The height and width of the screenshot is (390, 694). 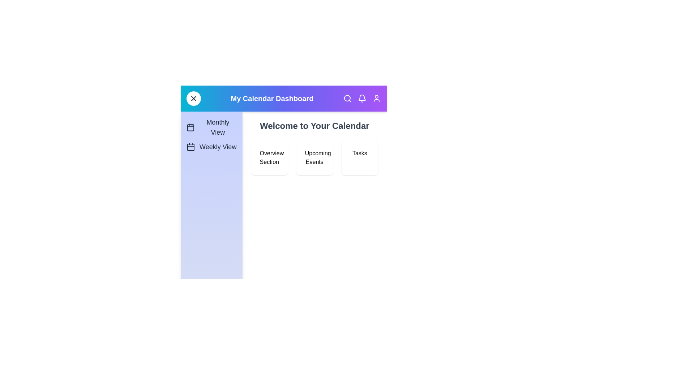 What do you see at coordinates (211, 135) in the screenshot?
I see `the 'Monthly View' option in the segmented control located in the left sidebar of the interface` at bounding box center [211, 135].